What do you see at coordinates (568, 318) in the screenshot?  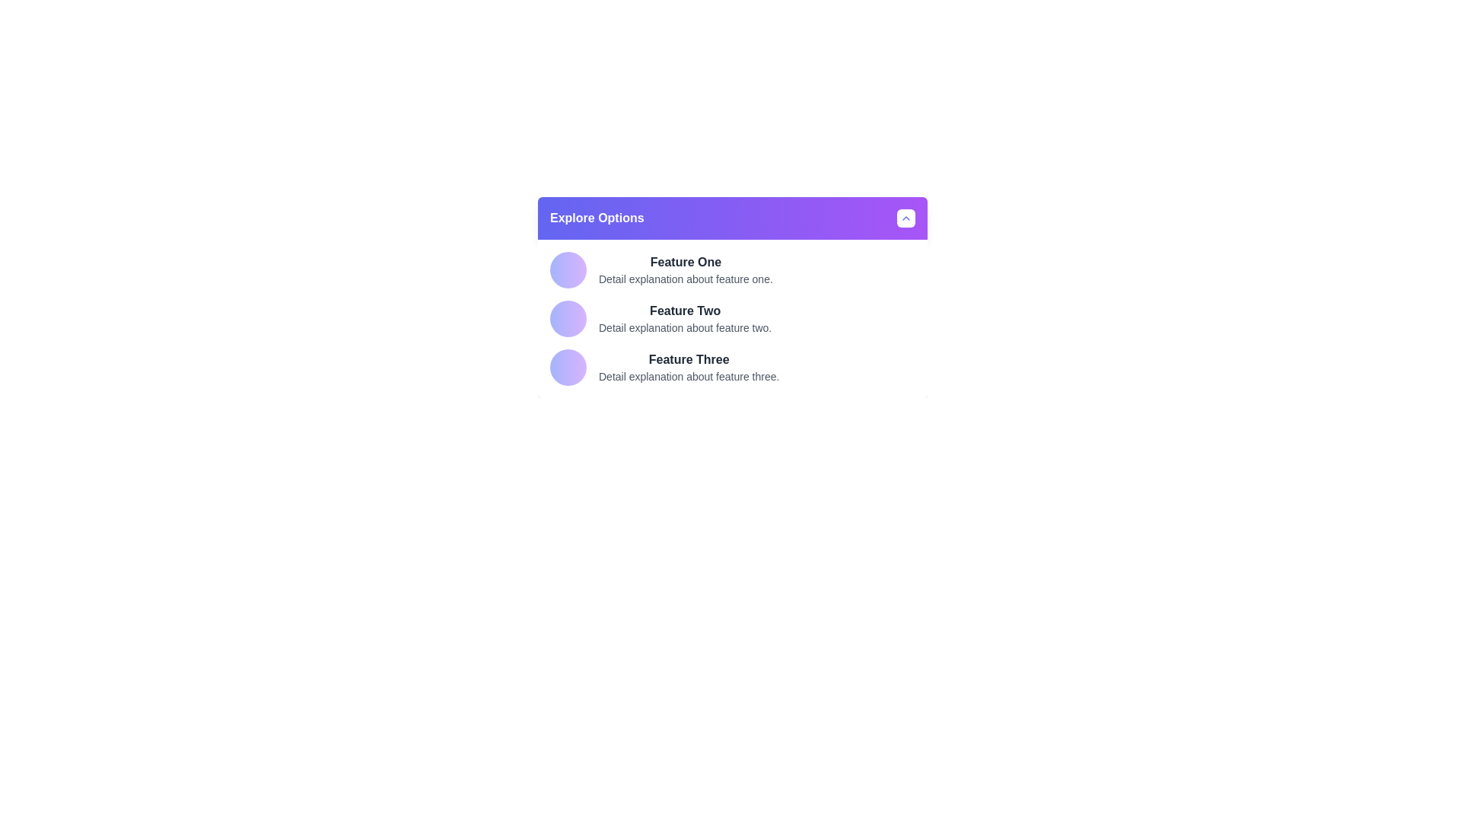 I see `the circular decorative element with a gradient fill transitioning from indigo to purple, located to the left of 'Feature Two'` at bounding box center [568, 318].